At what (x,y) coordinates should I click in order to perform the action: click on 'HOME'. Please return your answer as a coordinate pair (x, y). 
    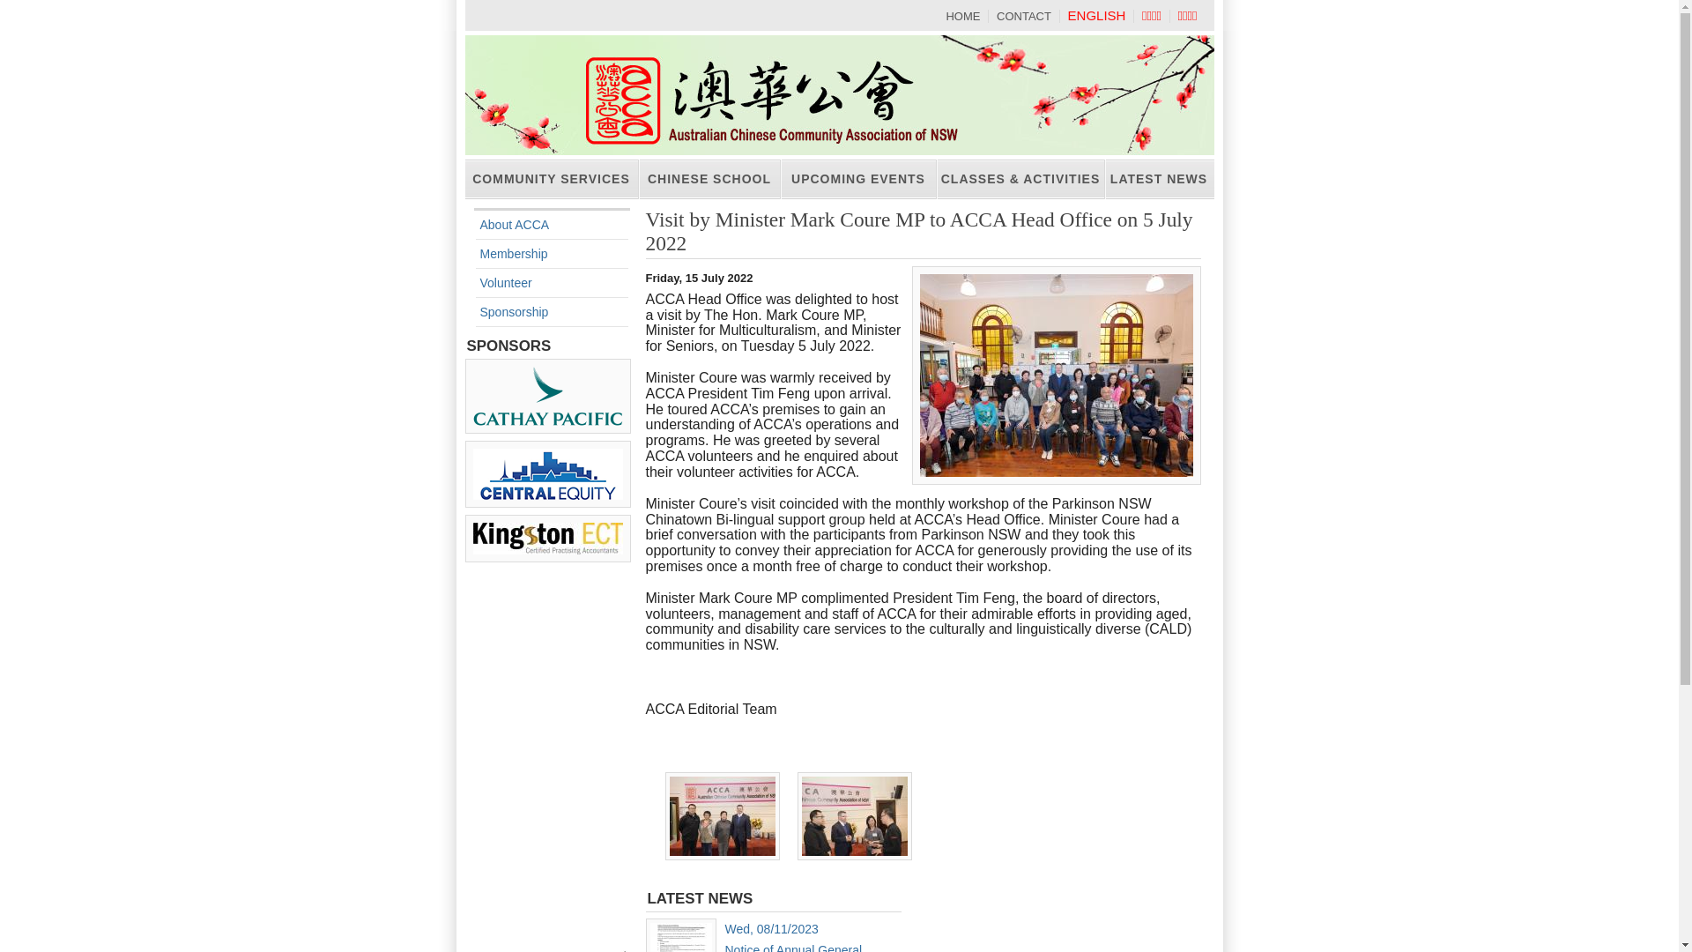
    Looking at the image, I should click on (961, 16).